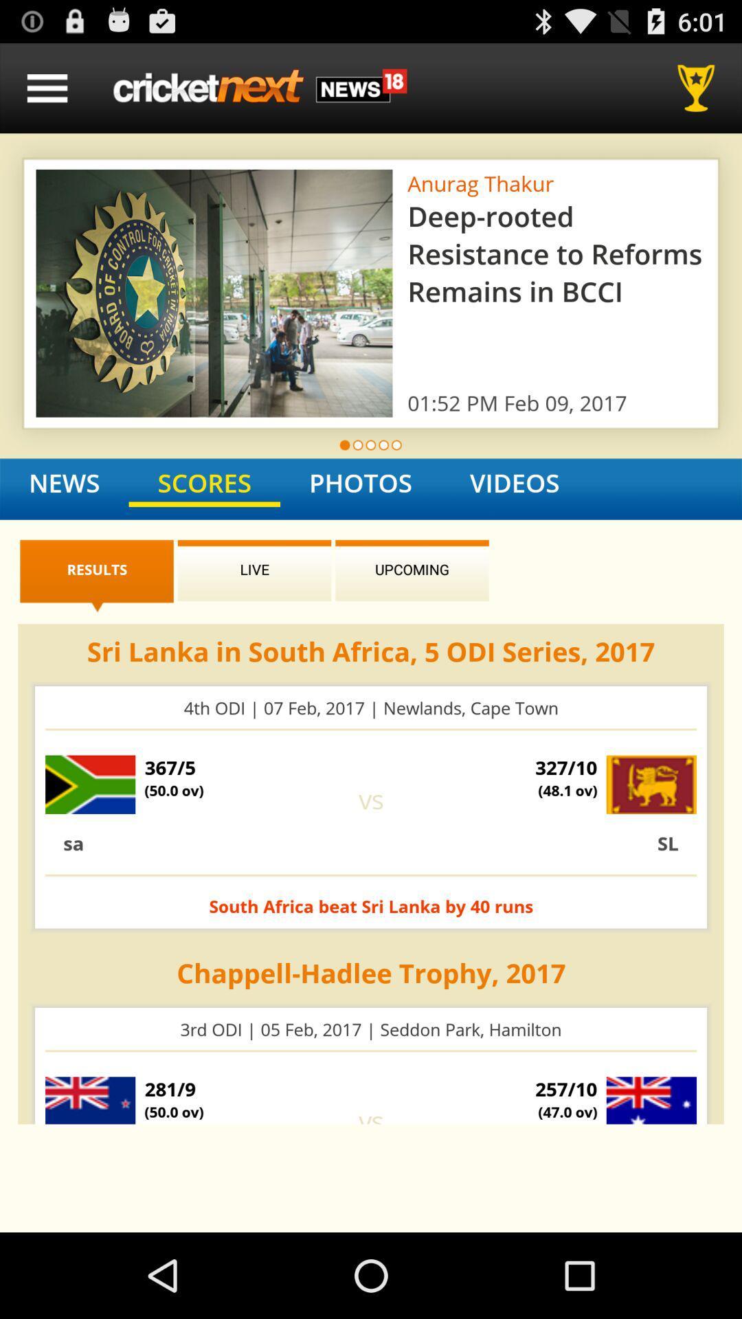  Describe the element at coordinates (47, 93) in the screenshot. I see `the menu icon` at that location.